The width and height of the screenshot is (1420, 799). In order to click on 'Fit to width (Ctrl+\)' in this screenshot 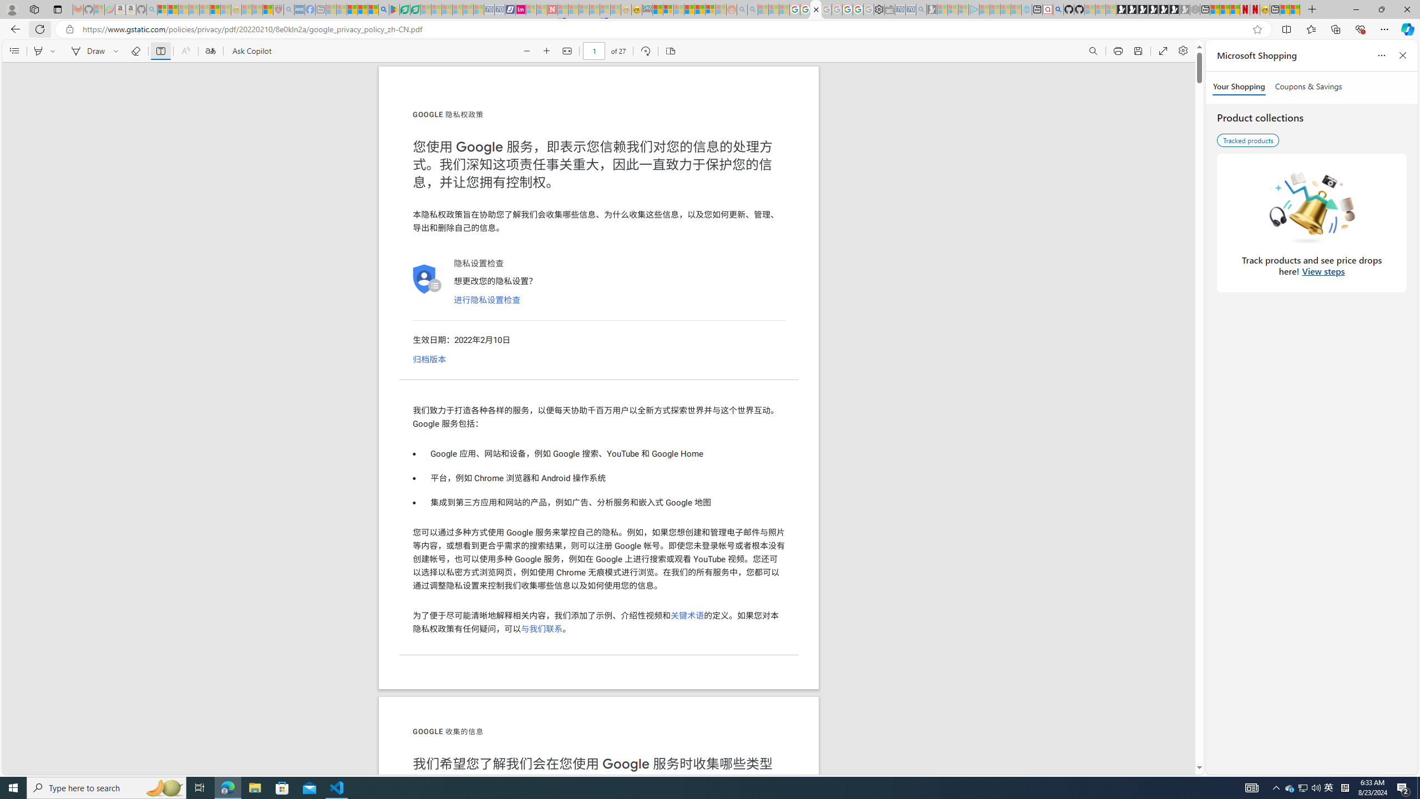, I will do `click(567, 50)`.